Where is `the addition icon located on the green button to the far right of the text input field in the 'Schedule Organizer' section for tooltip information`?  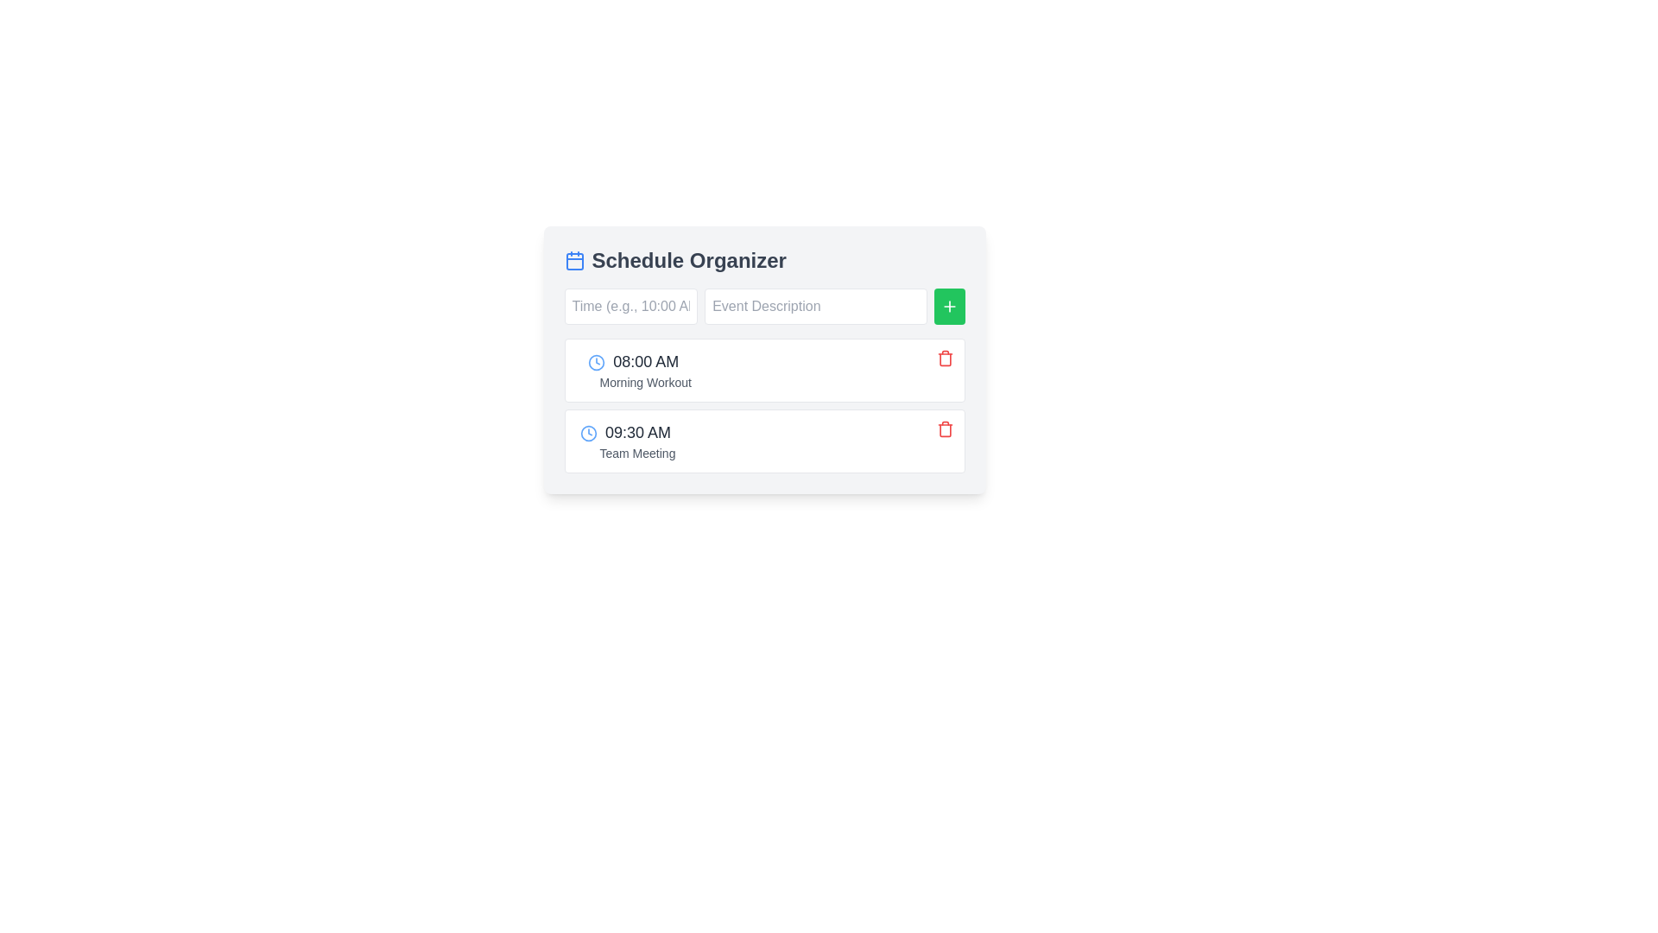 the addition icon located on the green button to the far right of the text input field in the 'Schedule Organizer' section for tooltip information is located at coordinates (948, 305).